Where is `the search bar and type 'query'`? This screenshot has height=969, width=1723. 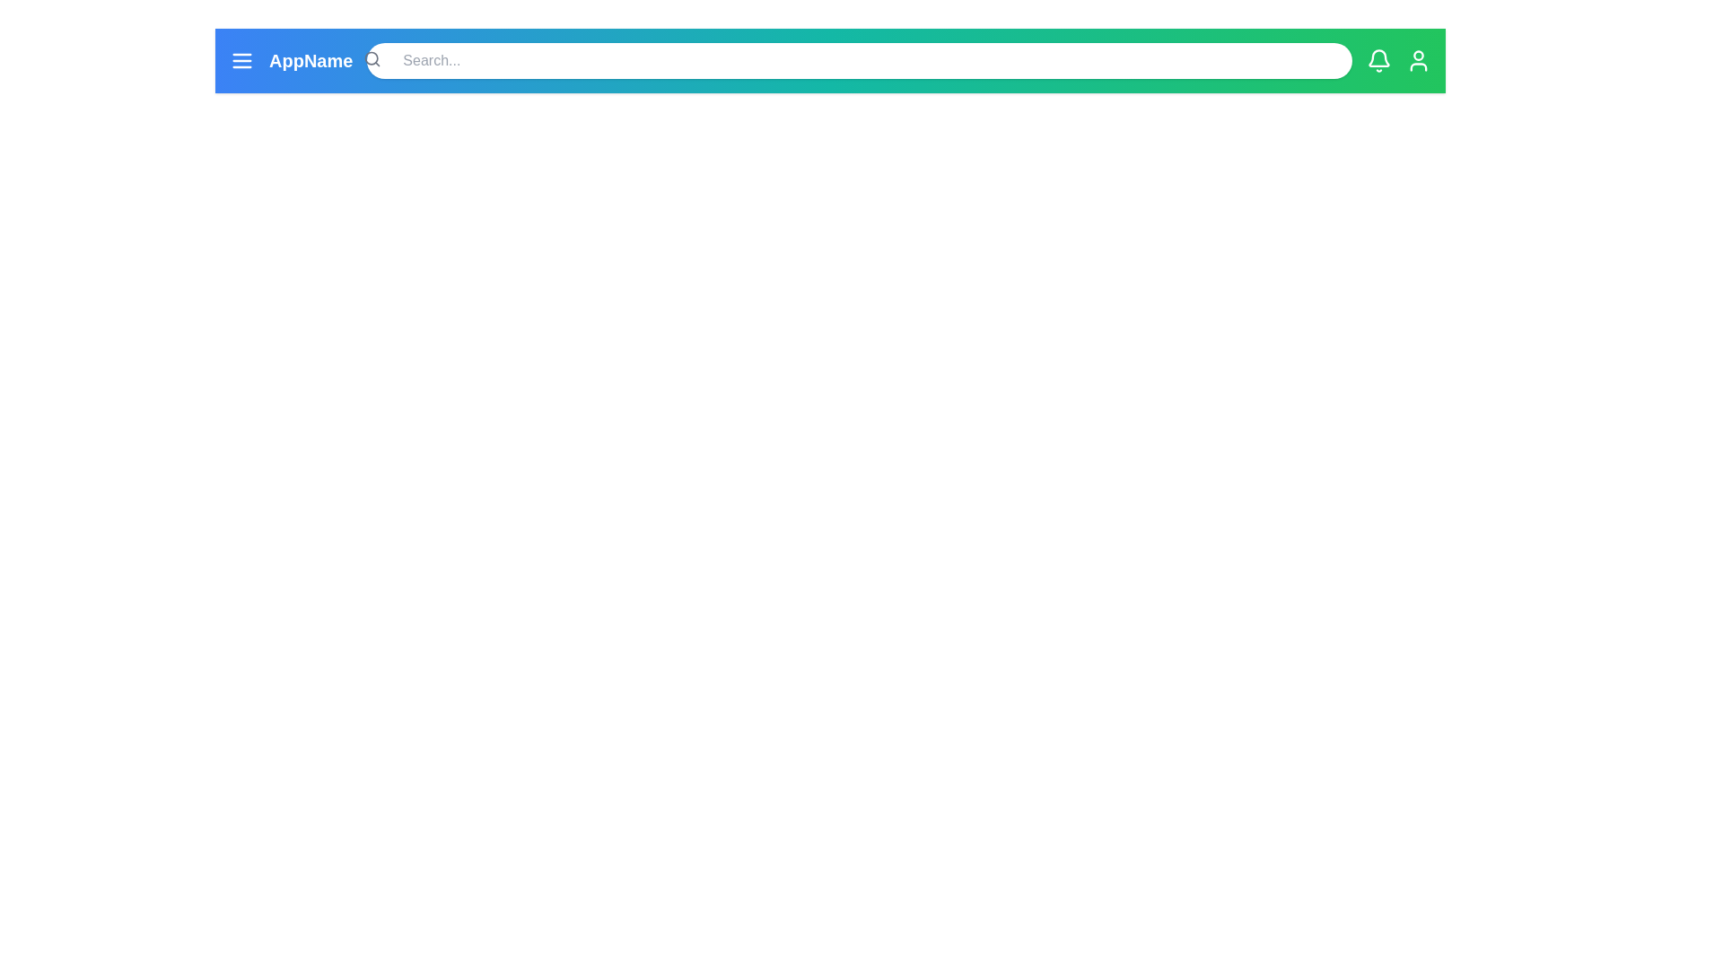
the search bar and type 'query' is located at coordinates (859, 60).